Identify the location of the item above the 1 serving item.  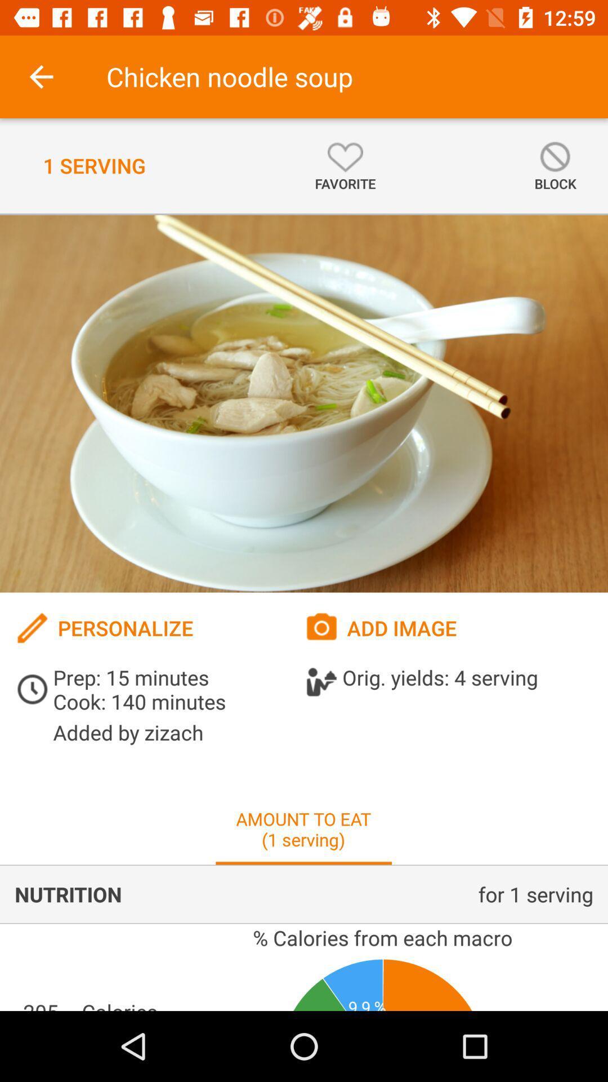
(41, 76).